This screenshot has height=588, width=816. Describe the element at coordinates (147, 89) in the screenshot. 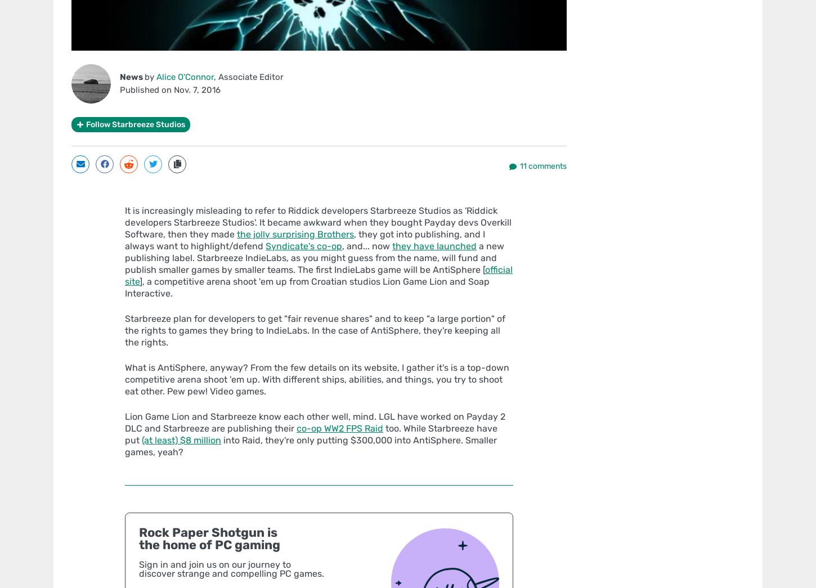

I see `'Published on'` at that location.